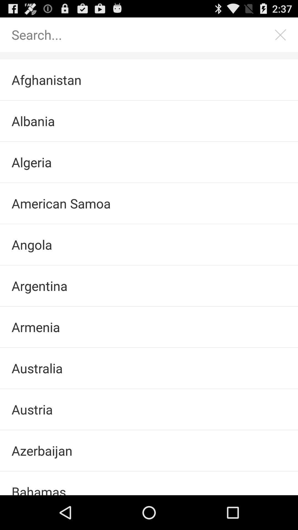  Describe the element at coordinates (281, 37) in the screenshot. I see `the close icon` at that location.